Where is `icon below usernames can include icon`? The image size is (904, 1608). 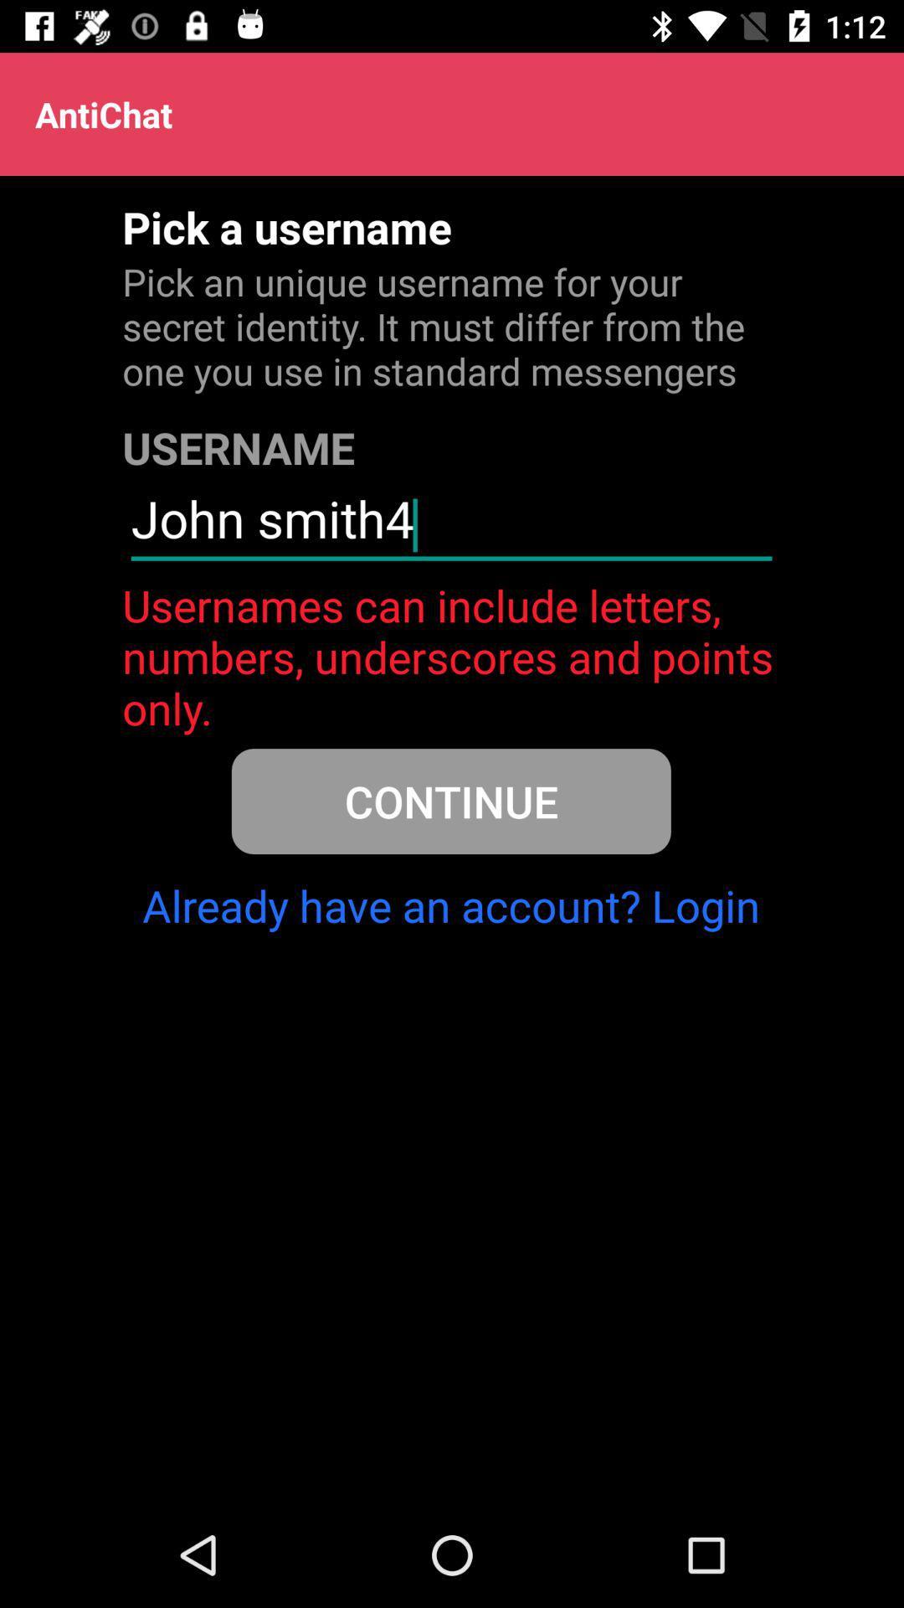
icon below usernames can include icon is located at coordinates (450, 800).